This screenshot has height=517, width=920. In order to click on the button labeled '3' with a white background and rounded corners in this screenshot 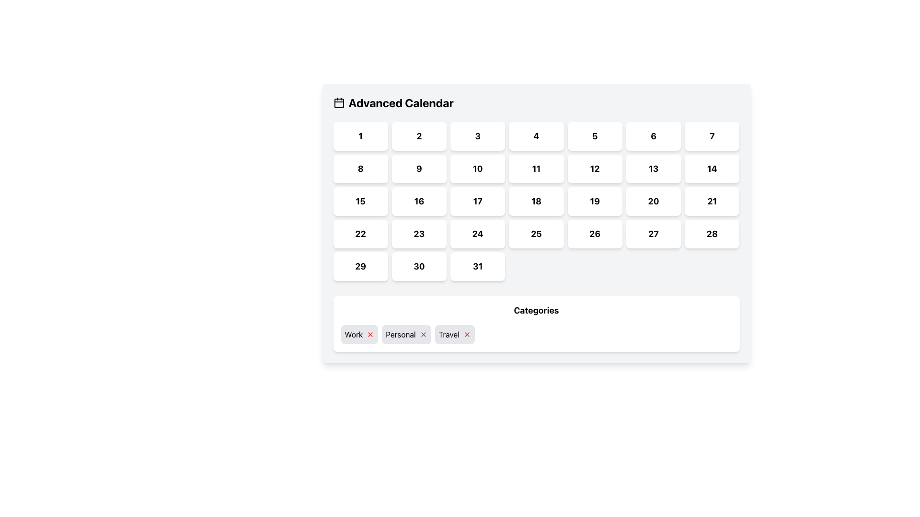, I will do `click(478, 136)`.